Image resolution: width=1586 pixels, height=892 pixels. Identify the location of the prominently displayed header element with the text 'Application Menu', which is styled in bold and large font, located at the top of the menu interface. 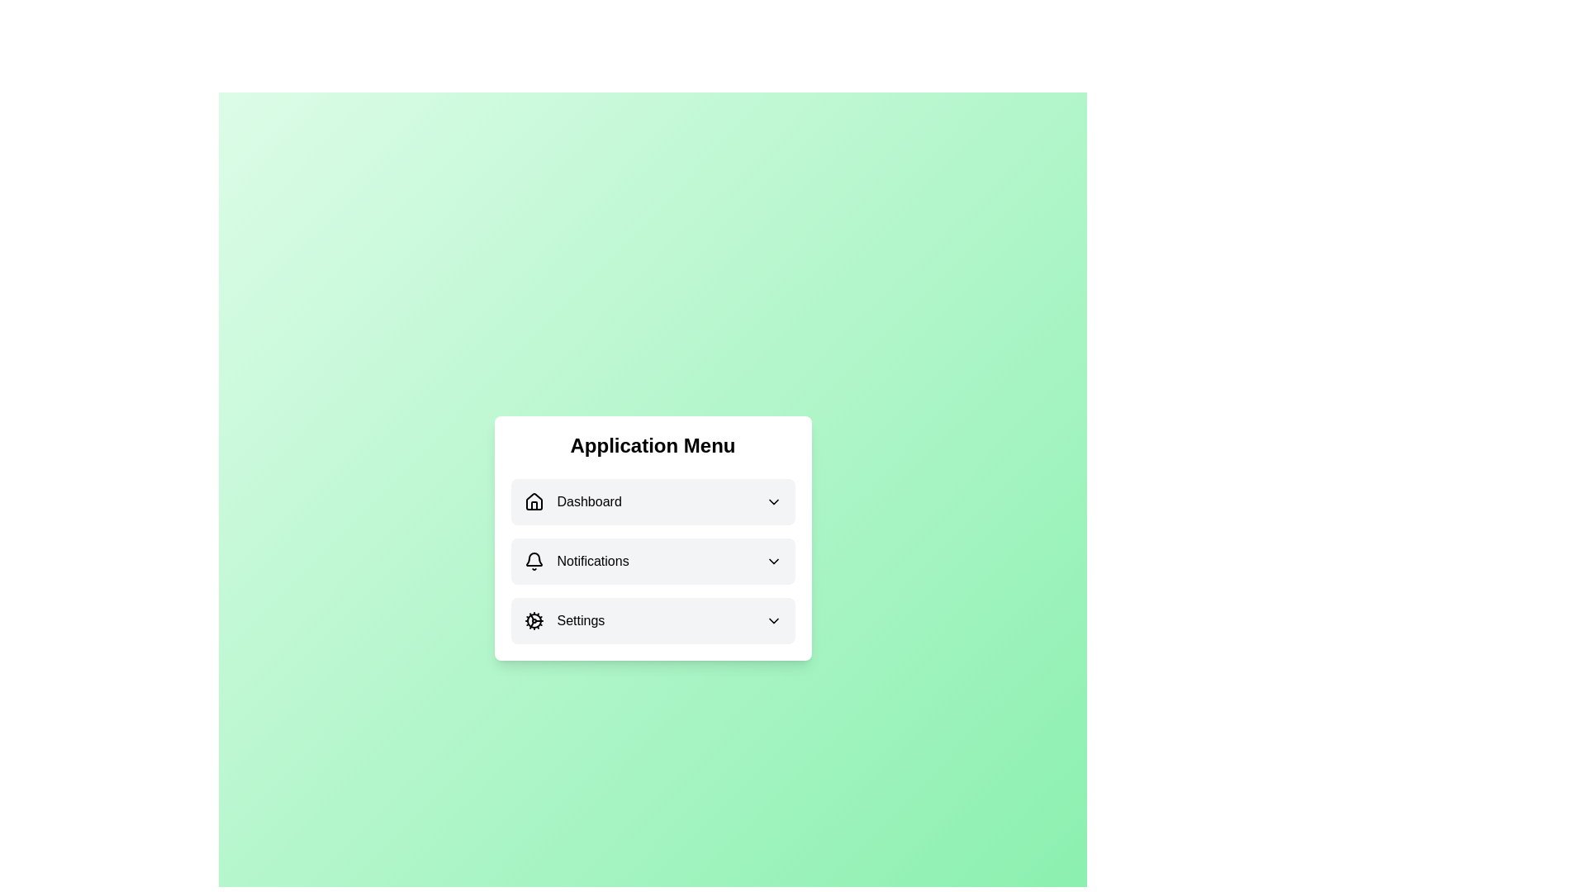
(652, 446).